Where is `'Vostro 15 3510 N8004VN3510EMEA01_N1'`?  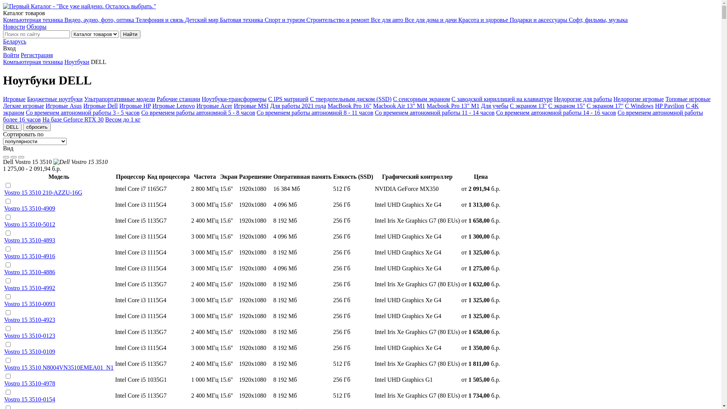 'Vostro 15 3510 N8004VN3510EMEA01_N1' is located at coordinates (58, 367).